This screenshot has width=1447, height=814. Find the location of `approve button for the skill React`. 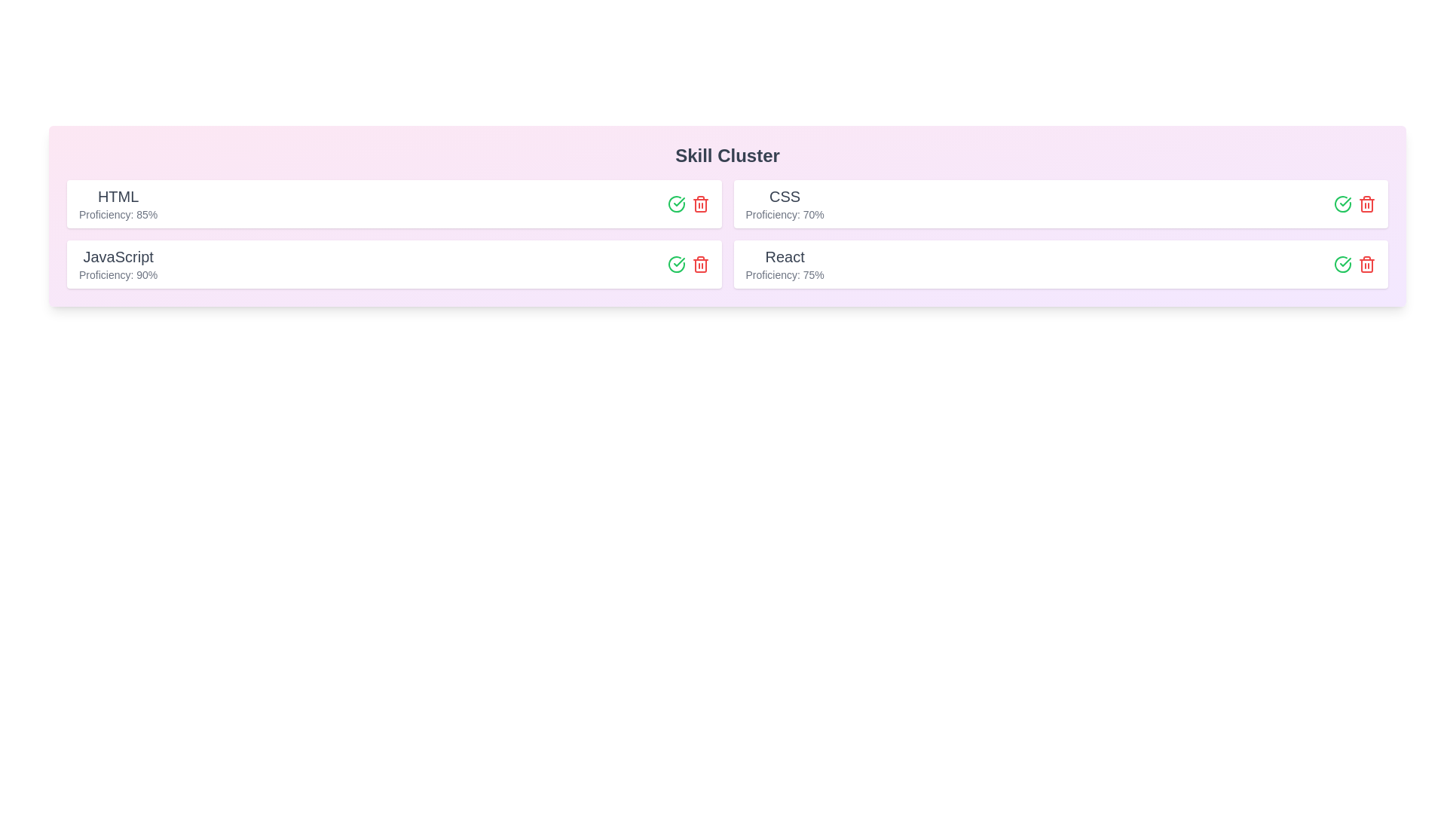

approve button for the skill React is located at coordinates (1342, 264).